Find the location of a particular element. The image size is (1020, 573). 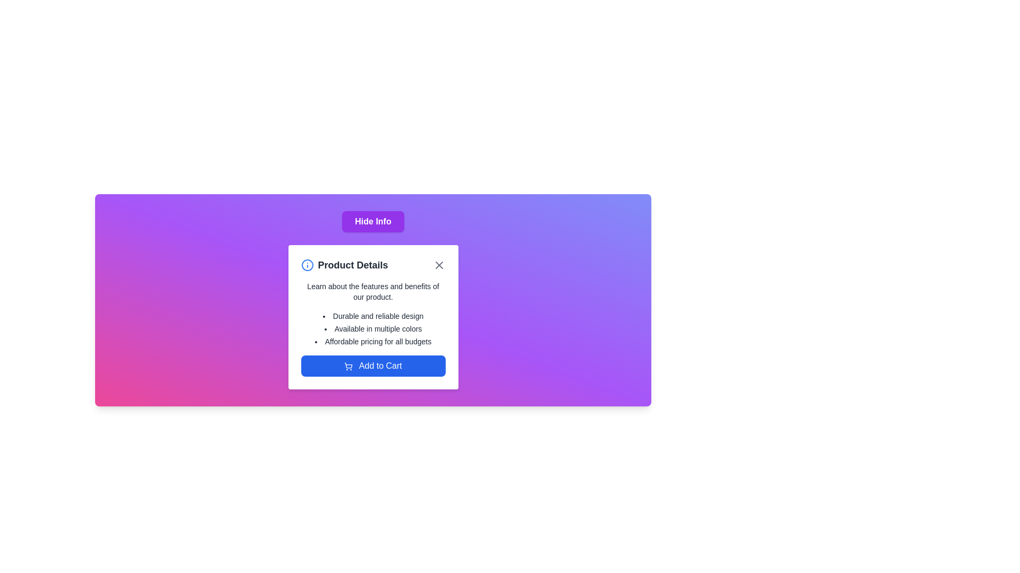

the text element that reads 'Learn about the features and benefits of our product.', which is styled in a small font within a white panel, located below the heading 'Product Details' is located at coordinates (373, 292).